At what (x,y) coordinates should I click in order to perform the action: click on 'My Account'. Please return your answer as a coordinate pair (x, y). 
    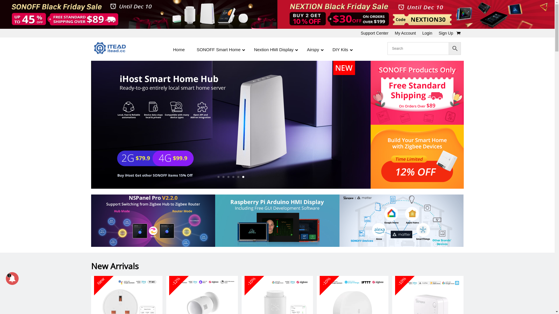
    Looking at the image, I should click on (405, 34).